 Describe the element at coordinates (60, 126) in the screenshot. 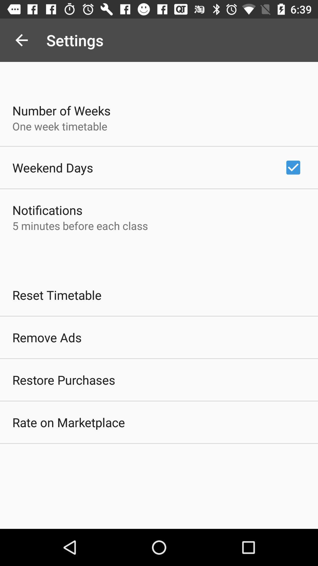

I see `one week timetable` at that location.